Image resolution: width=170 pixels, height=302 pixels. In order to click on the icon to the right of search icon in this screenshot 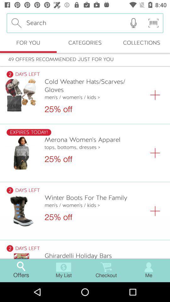, I will do `click(133, 23)`.